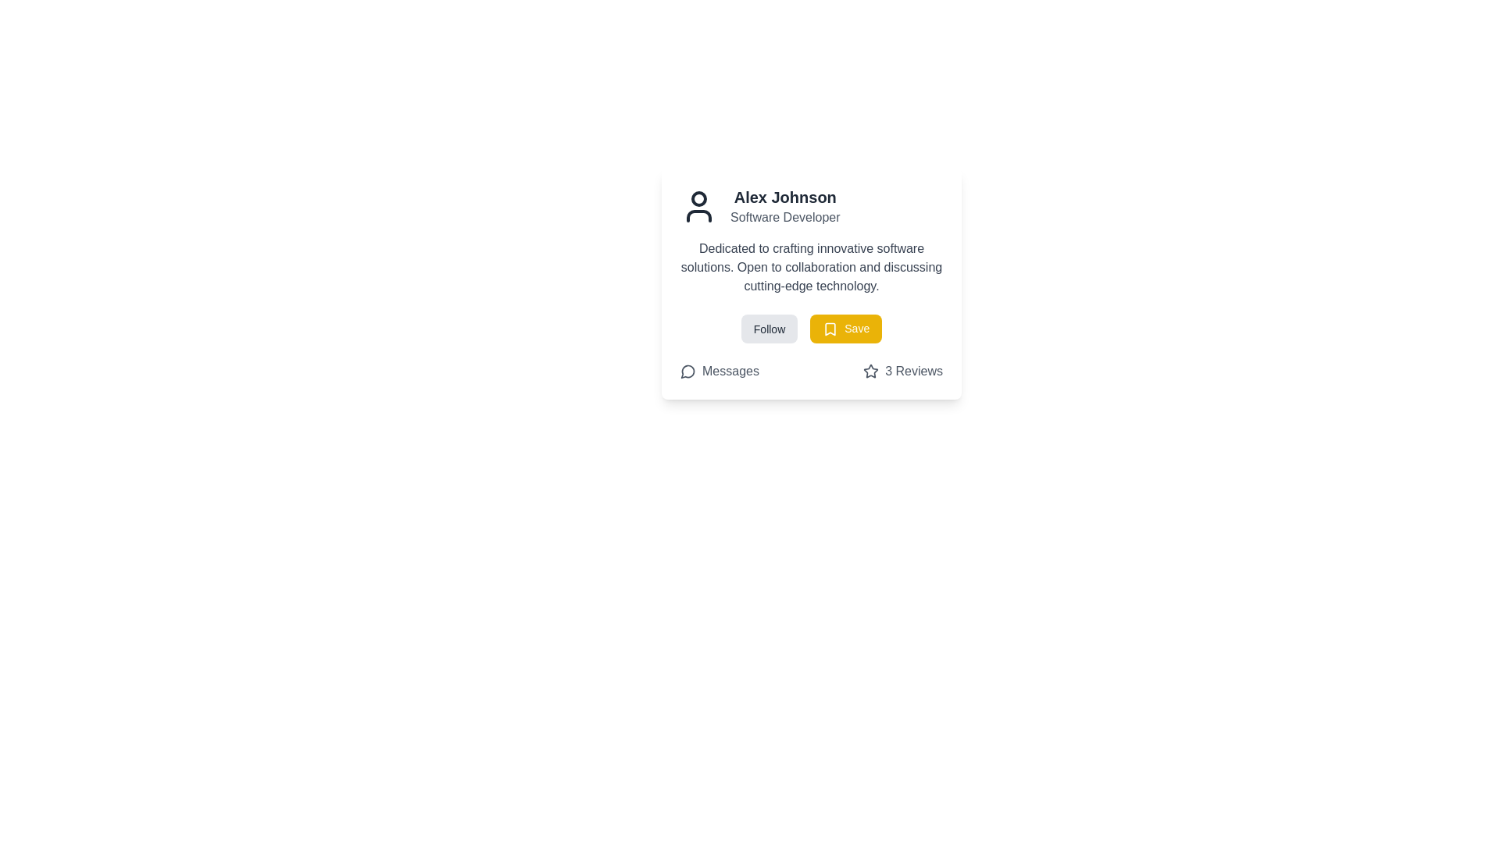 The height and width of the screenshot is (843, 1500). Describe the element at coordinates (845, 328) in the screenshot. I see `the save button, which is the second button in a horizontal group located to the right of a gray 'Follow' button, to activate visual feedback` at that location.